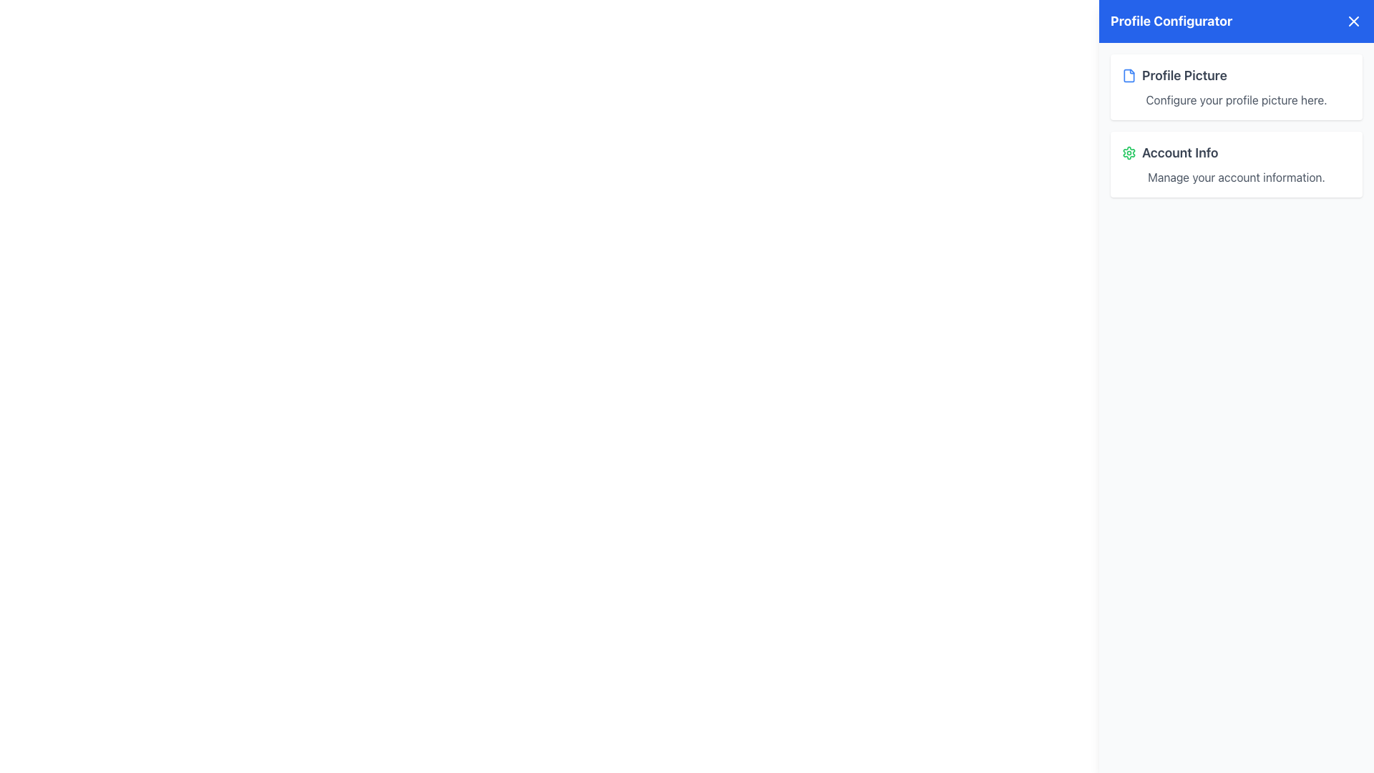 The height and width of the screenshot is (773, 1374). What do you see at coordinates (1236, 164) in the screenshot?
I see `the Information card located in the 'Profile Configurator' sidebar` at bounding box center [1236, 164].